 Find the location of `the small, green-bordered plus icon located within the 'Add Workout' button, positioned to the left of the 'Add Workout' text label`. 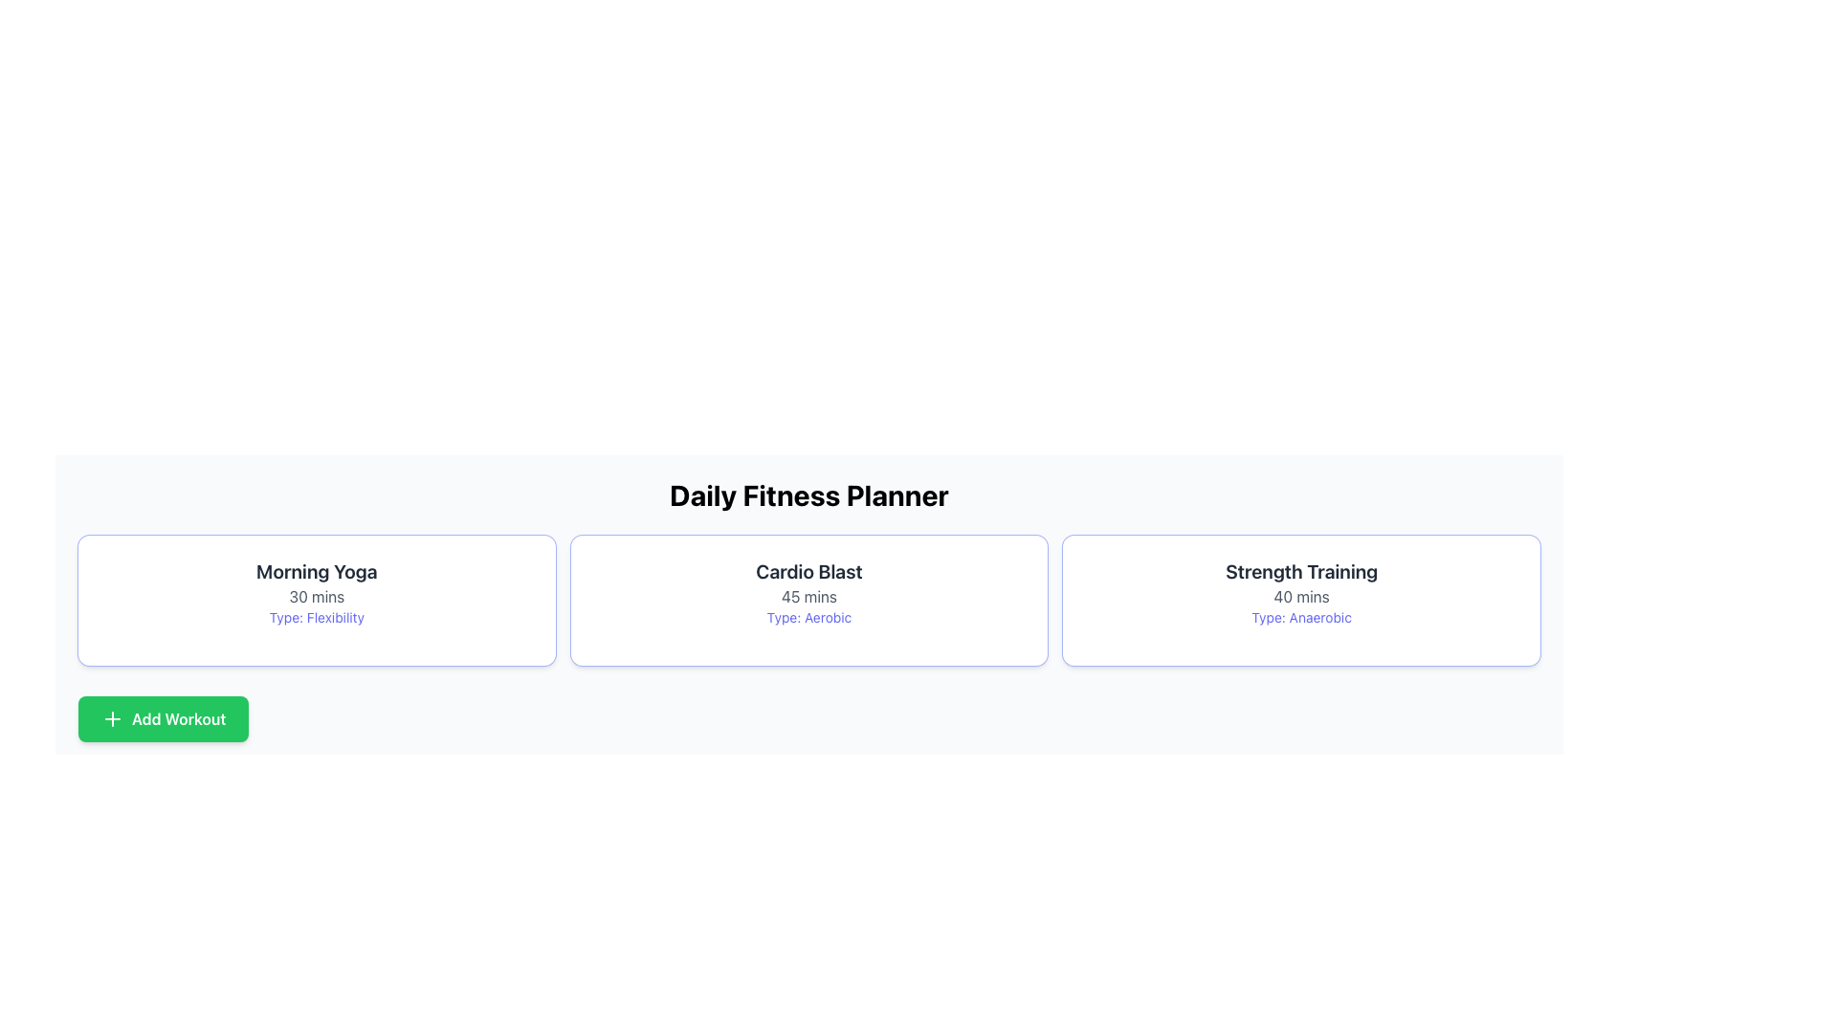

the small, green-bordered plus icon located within the 'Add Workout' button, positioned to the left of the 'Add Workout' text label is located at coordinates (112, 719).